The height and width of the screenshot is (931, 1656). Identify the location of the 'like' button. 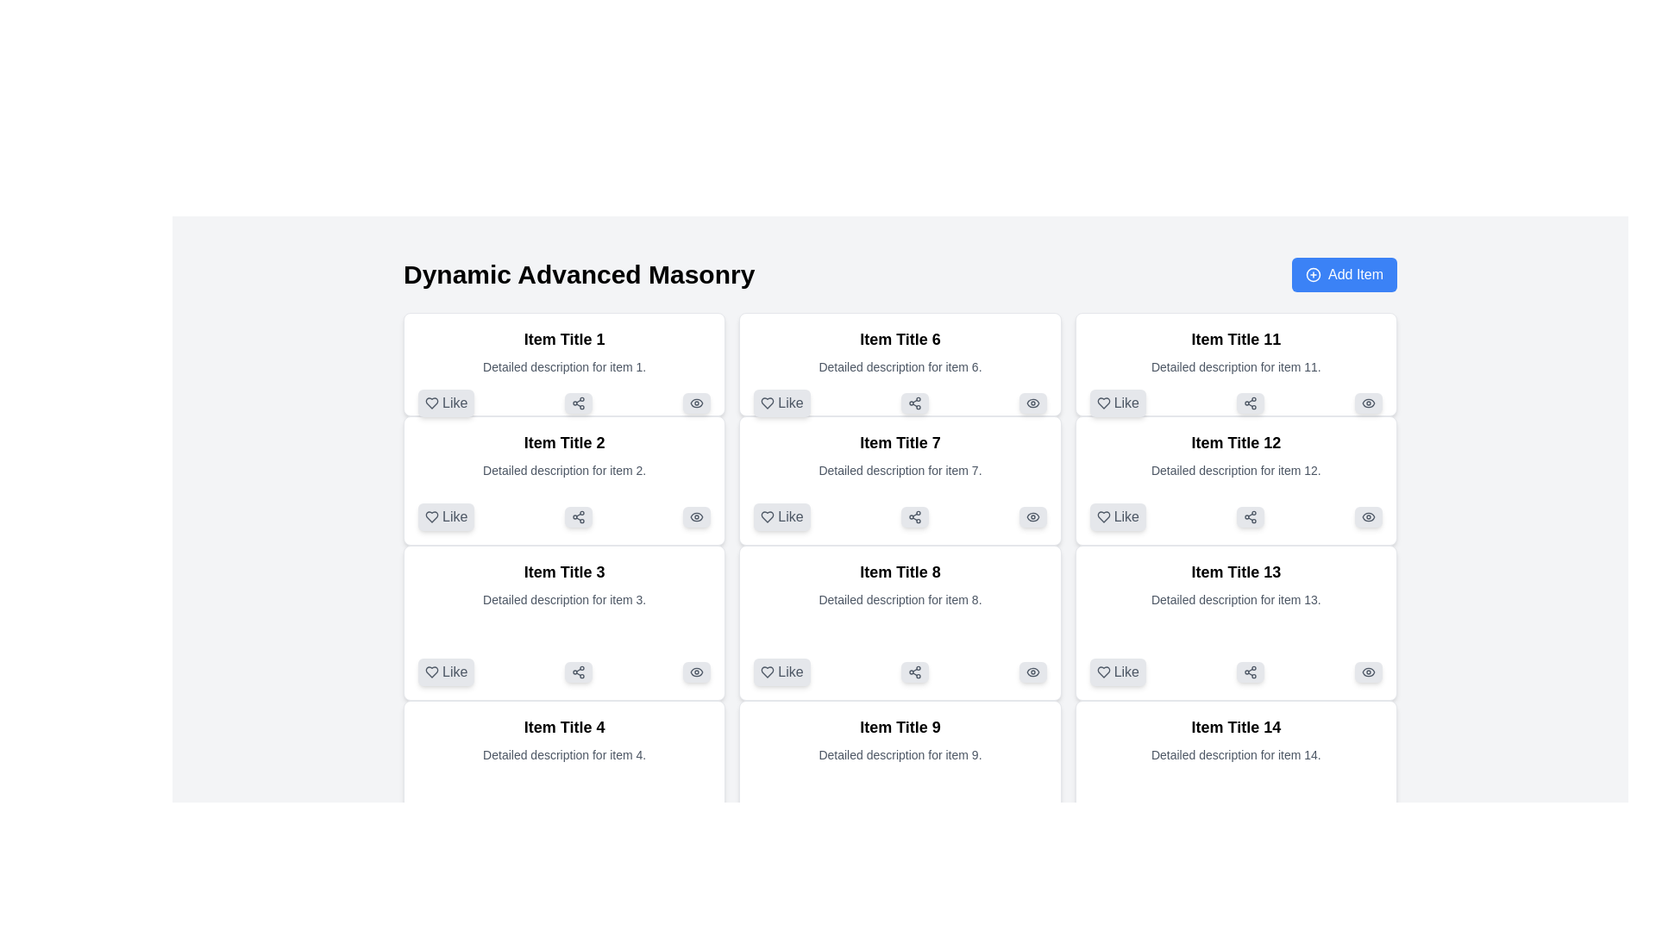
(446, 516).